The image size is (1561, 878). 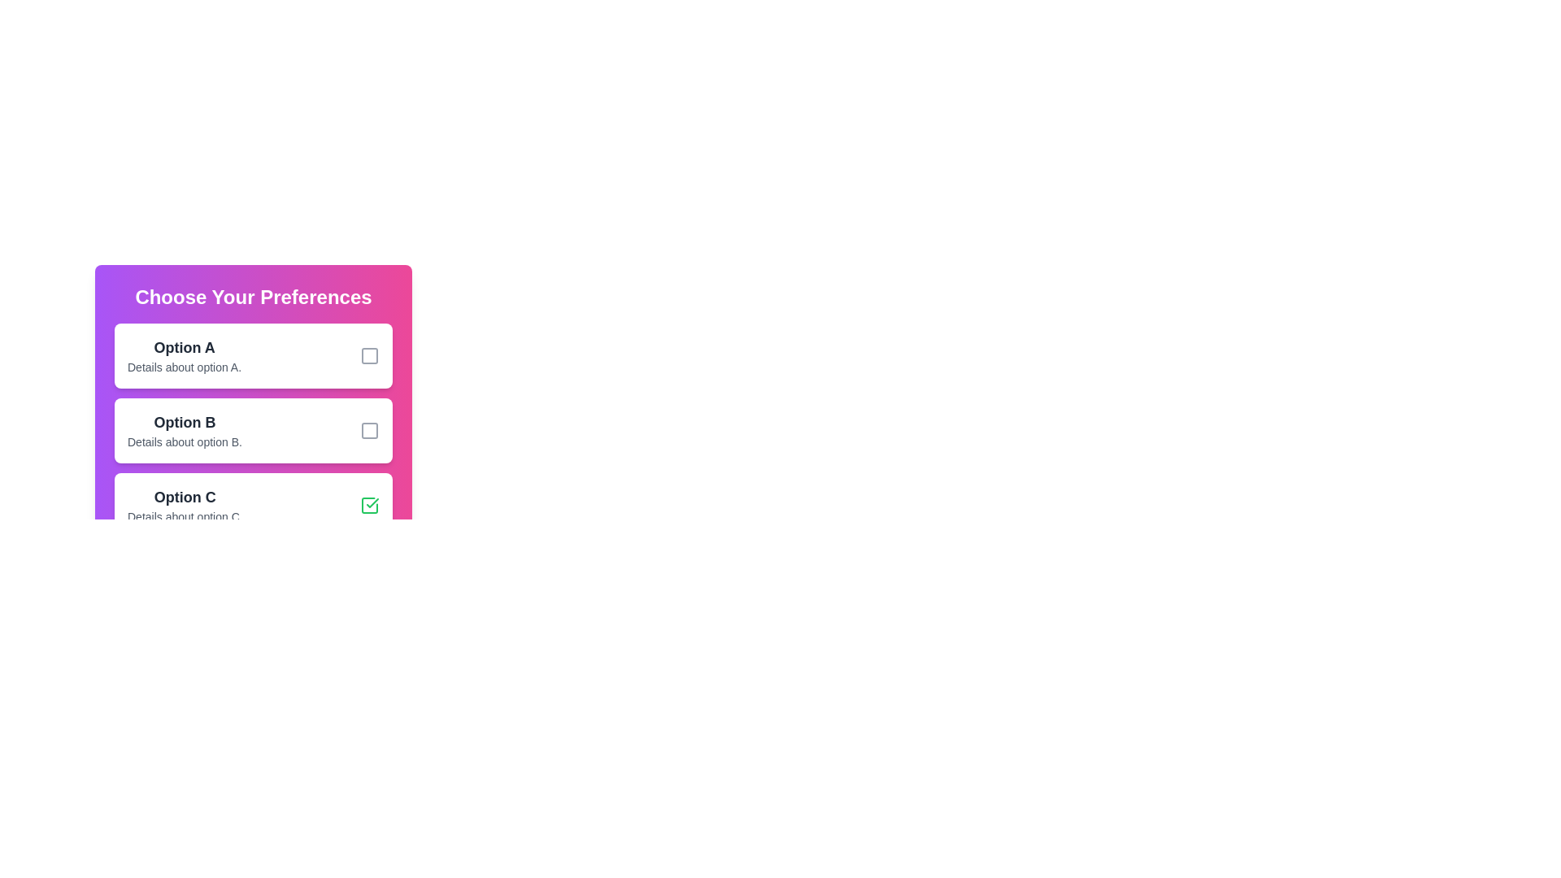 What do you see at coordinates (185, 441) in the screenshot?
I see `the descriptive text label for 'Option B', which is located beneath the title text of 'Option B' in the second item of the vertical list` at bounding box center [185, 441].